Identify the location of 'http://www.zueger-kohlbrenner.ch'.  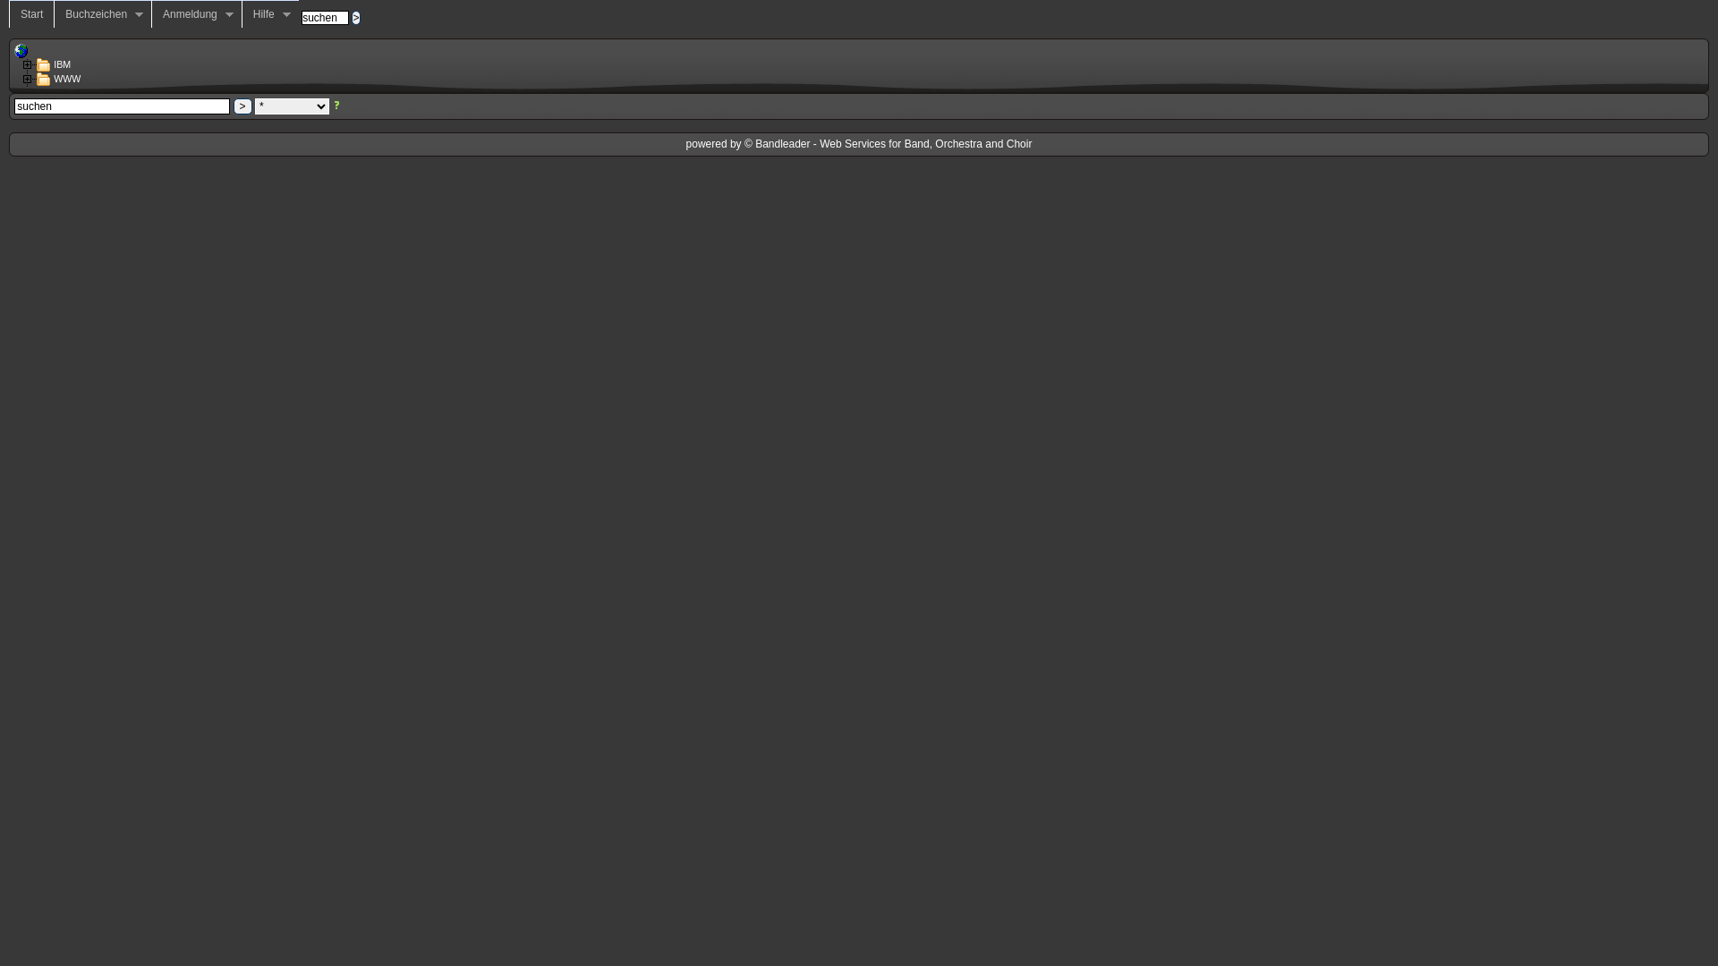
(21, 50).